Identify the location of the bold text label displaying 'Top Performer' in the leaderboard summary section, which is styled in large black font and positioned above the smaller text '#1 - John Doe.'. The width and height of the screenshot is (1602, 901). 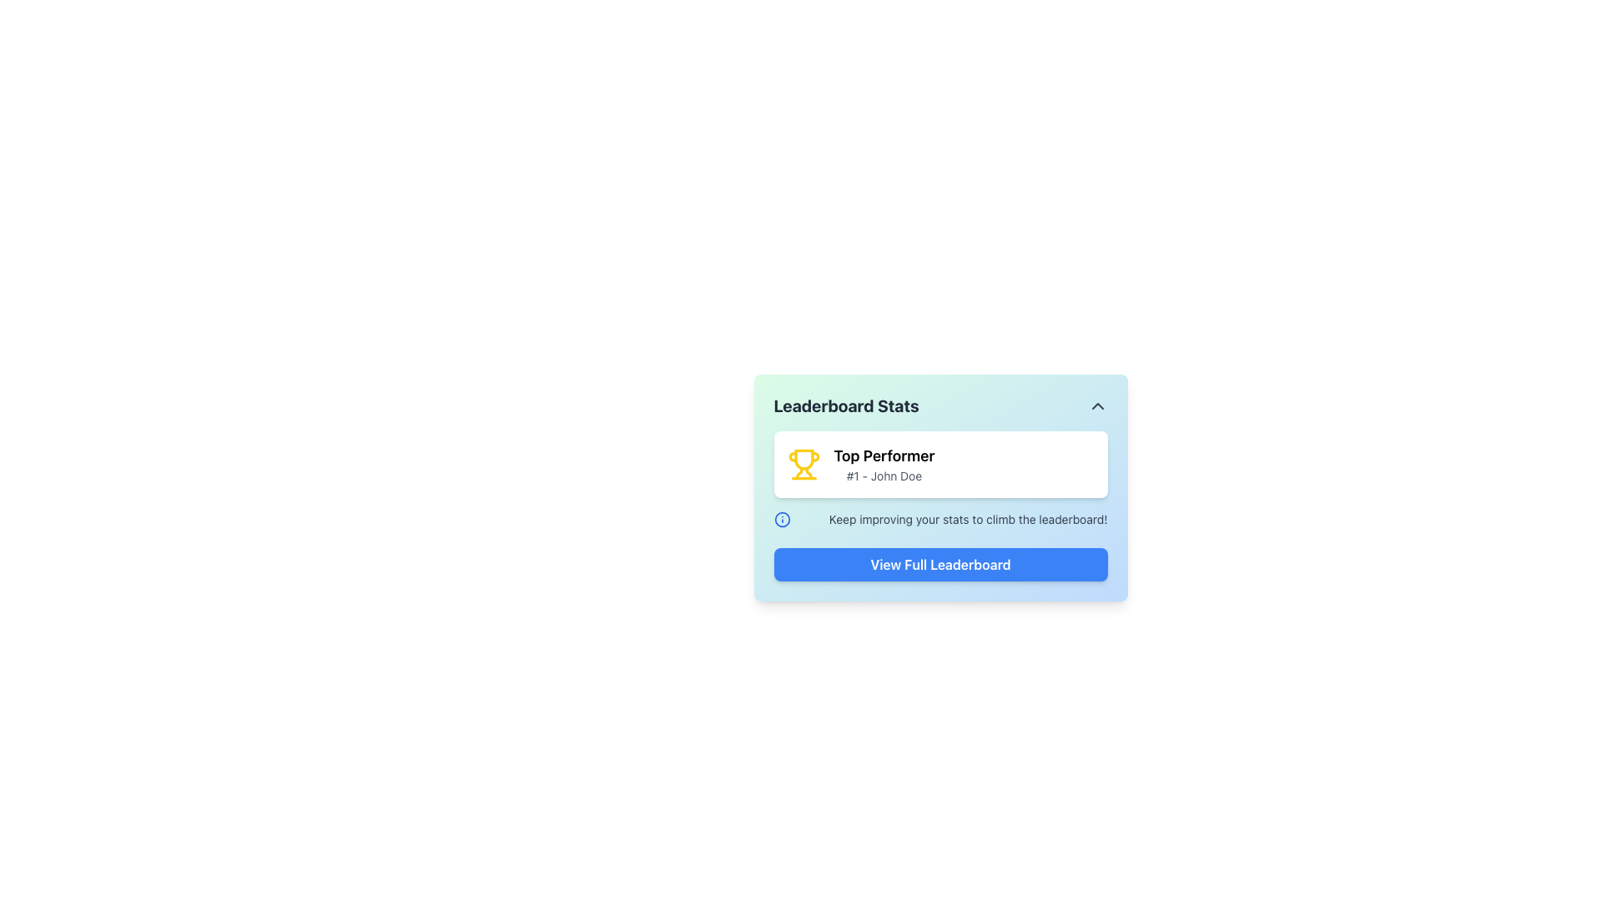
(884, 456).